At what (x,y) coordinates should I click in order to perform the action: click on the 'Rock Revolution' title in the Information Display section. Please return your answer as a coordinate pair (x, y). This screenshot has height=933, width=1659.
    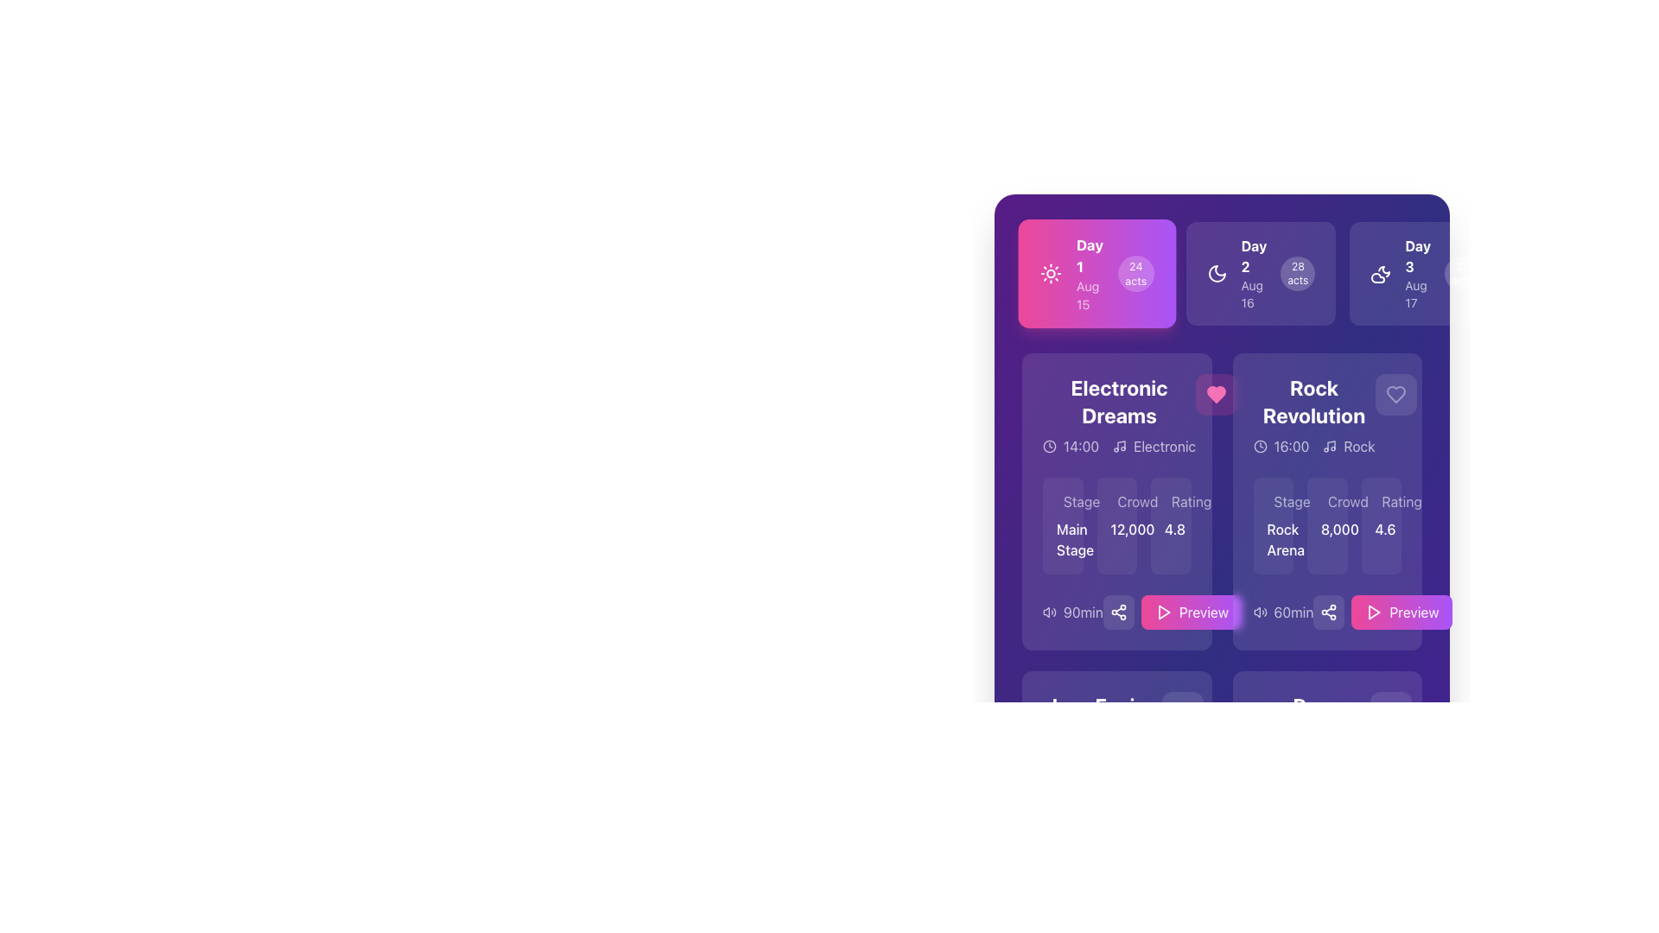
    Looking at the image, I should click on (1313, 416).